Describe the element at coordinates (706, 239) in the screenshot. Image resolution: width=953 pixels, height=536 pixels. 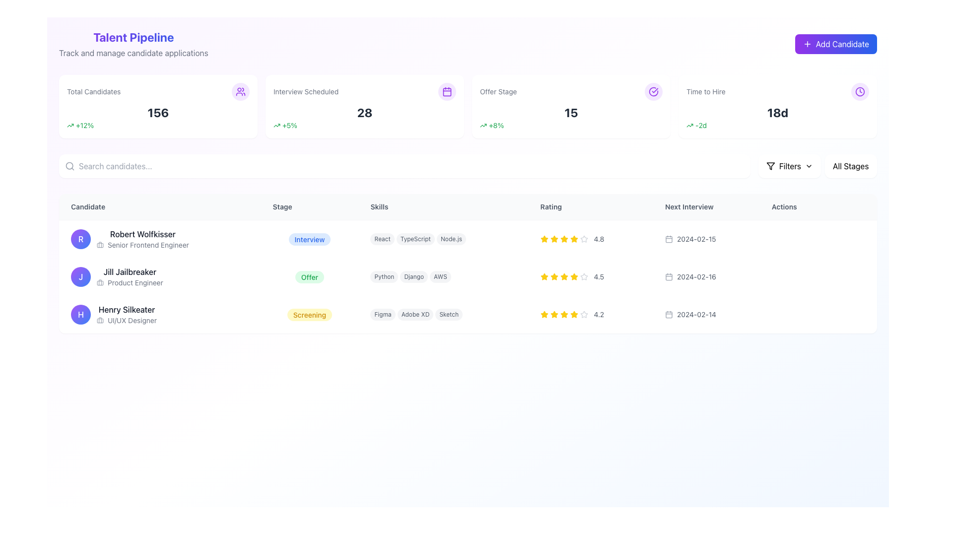
I see `the calendar icon and date label displaying '2024-02-15' in the sixth column under the 'Next Interview' header for the row of 'Robert Wolfkisser'` at that location.